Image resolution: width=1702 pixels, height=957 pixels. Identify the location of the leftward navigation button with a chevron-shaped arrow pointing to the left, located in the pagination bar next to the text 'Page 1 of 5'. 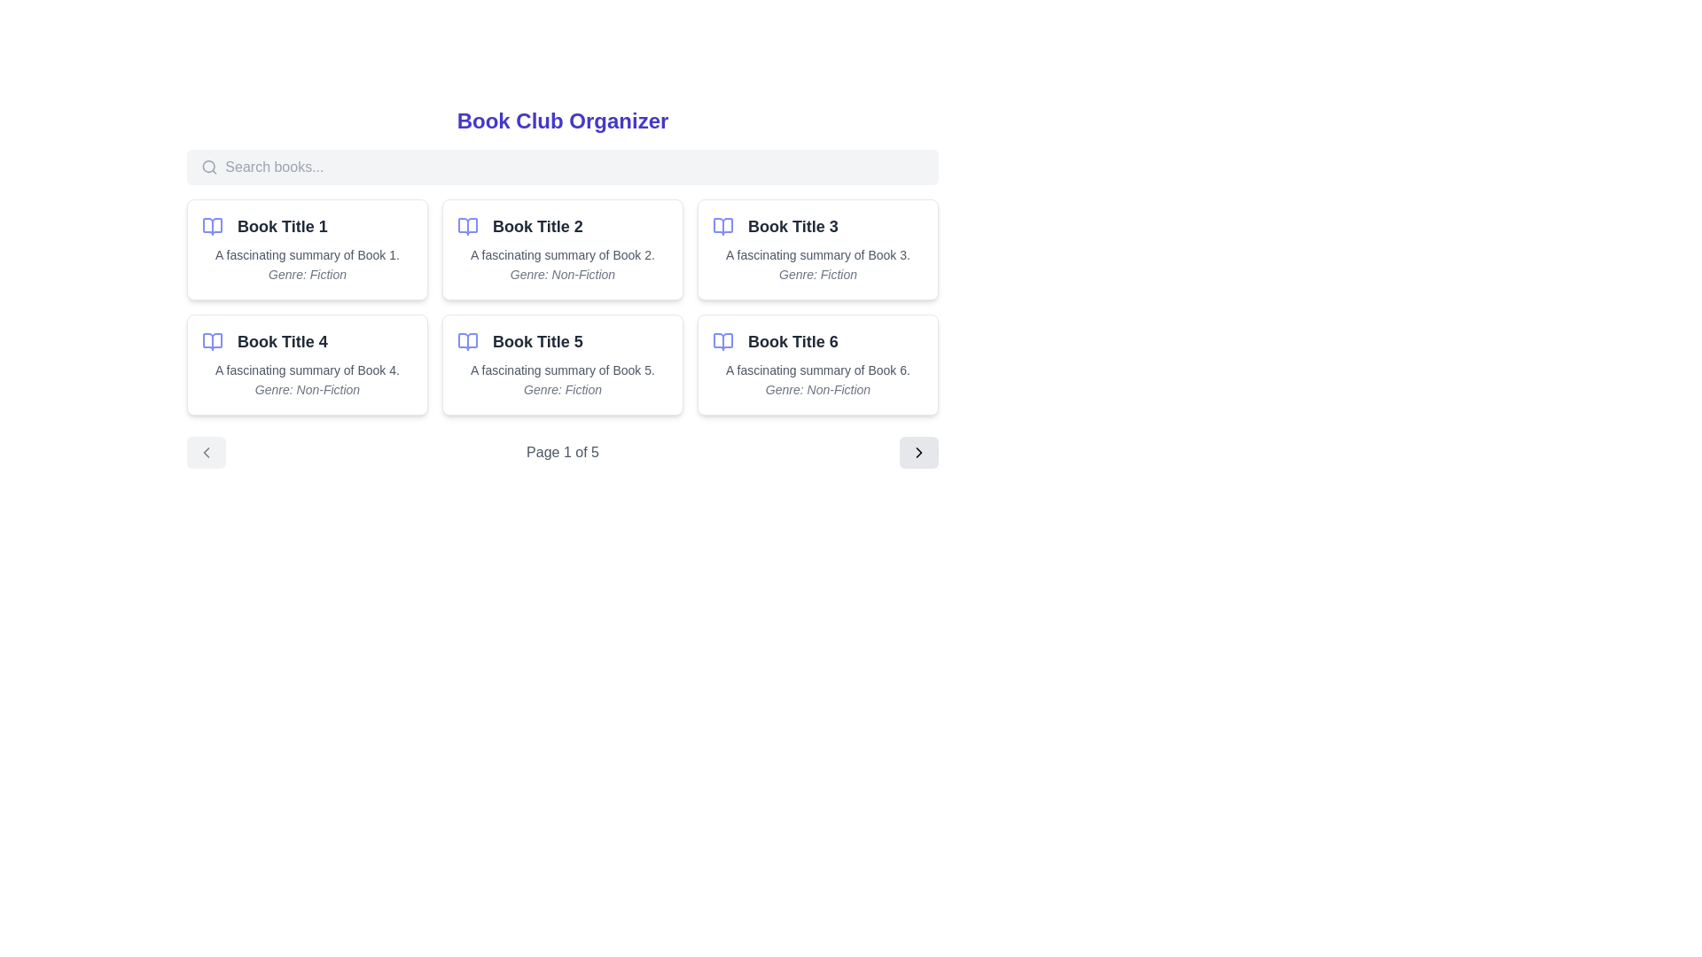
(207, 451).